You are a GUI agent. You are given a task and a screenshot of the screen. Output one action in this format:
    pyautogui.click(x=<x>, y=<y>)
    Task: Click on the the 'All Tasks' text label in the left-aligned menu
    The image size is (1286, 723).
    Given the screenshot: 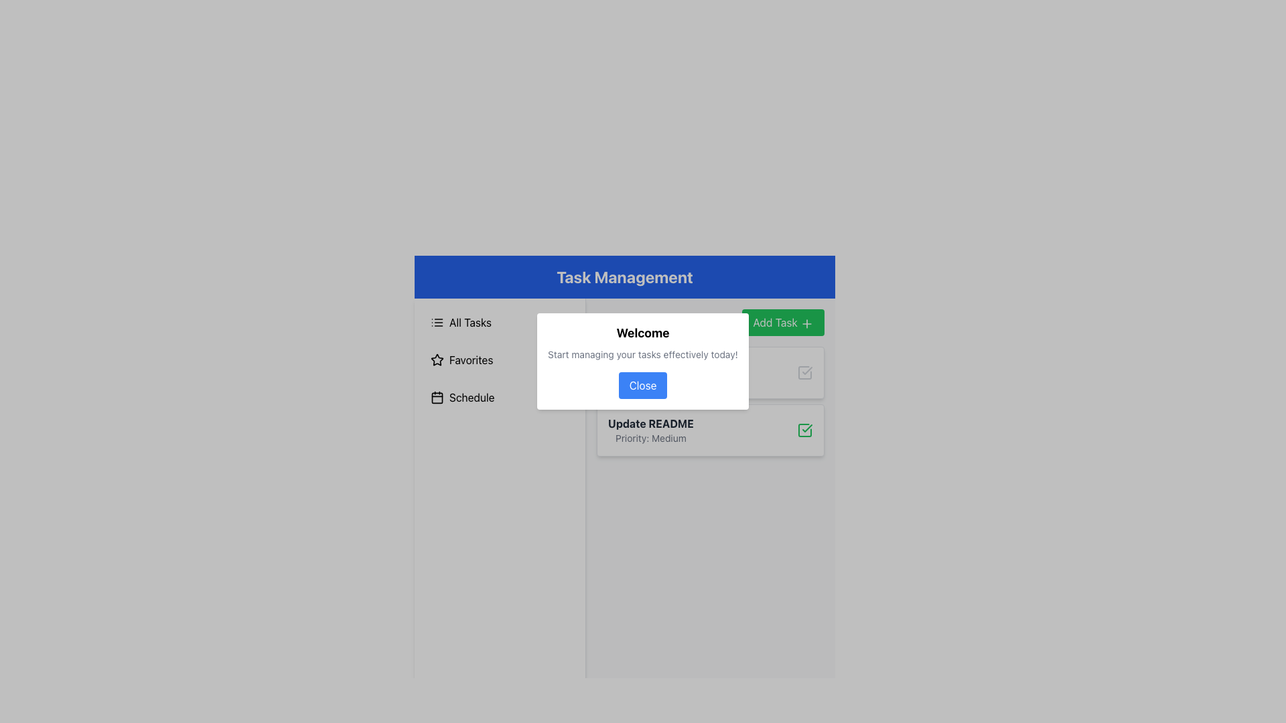 What is the action you would take?
    pyautogui.click(x=470, y=323)
    